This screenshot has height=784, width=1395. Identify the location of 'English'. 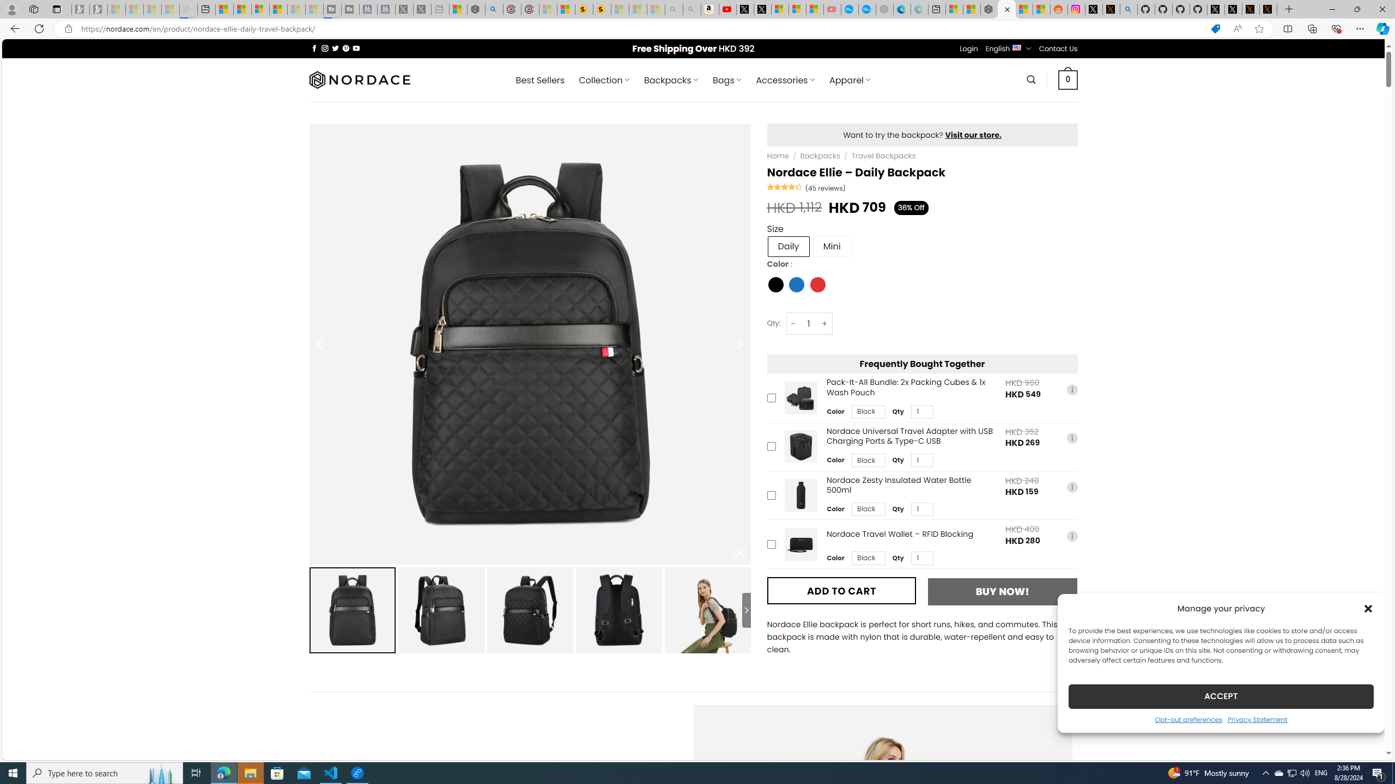
(1017, 47).